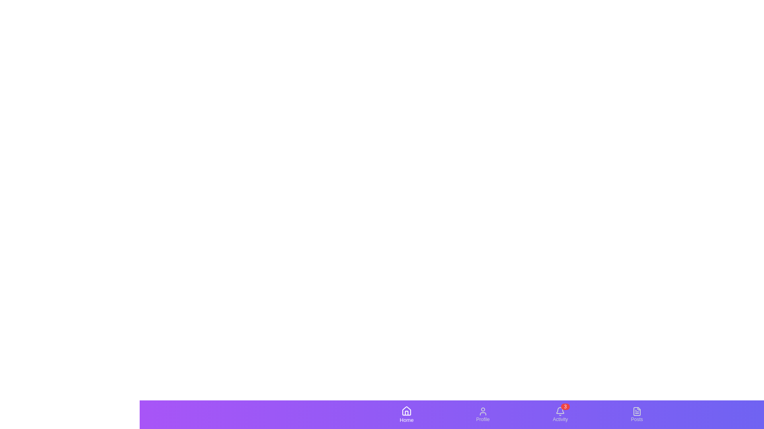  What do you see at coordinates (482, 414) in the screenshot?
I see `the tab labeled Profile to observe its visual feedback` at bounding box center [482, 414].